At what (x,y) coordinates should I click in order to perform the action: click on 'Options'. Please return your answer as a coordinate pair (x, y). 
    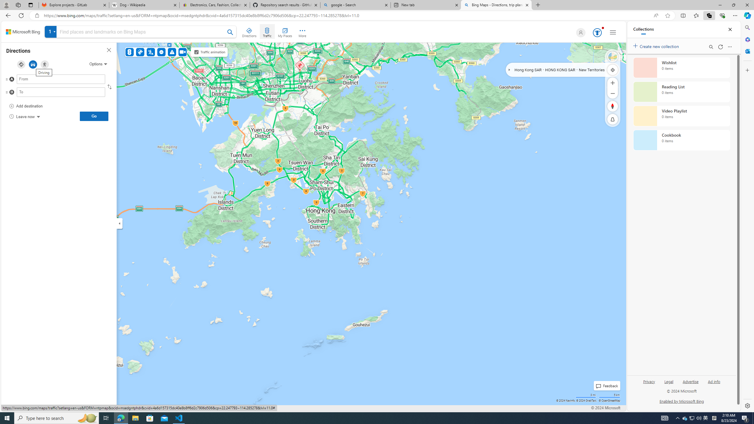
    Looking at the image, I should click on (97, 64).